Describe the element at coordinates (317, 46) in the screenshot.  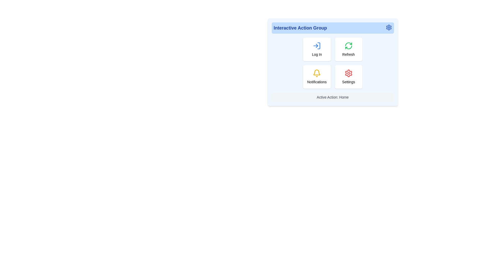
I see `the arrowhead graphic element within the 'Log In' icon that symbolizes the action of logging in` at that location.